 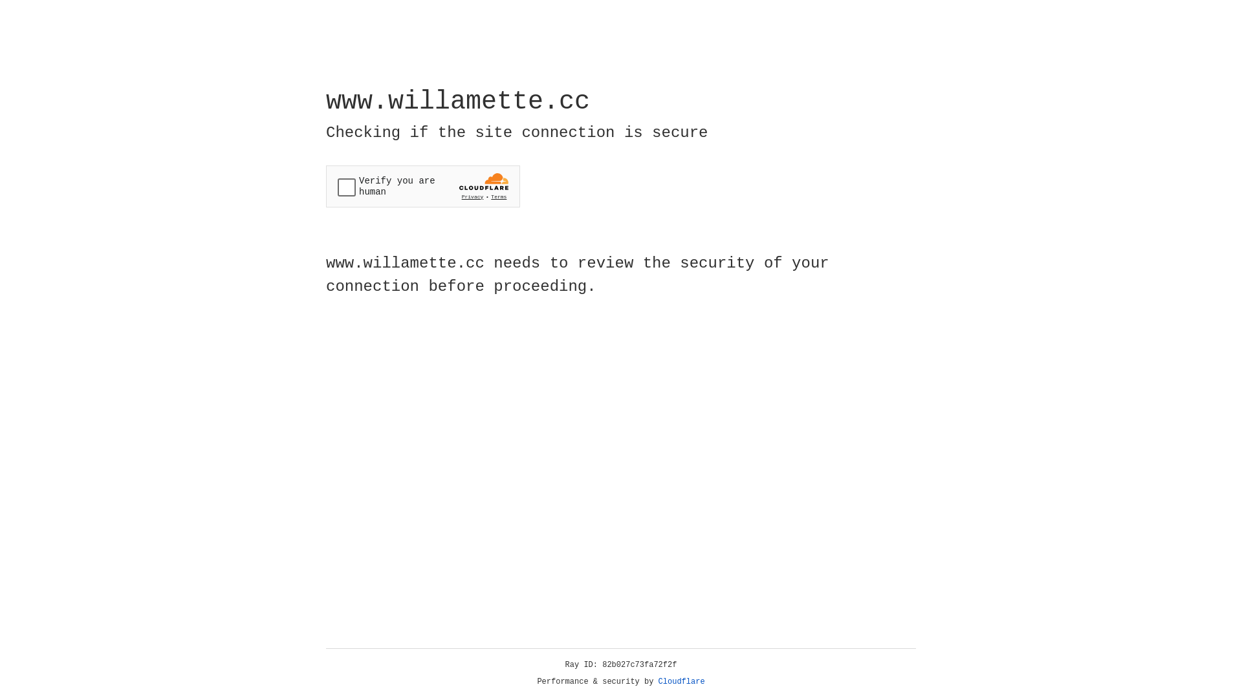 What do you see at coordinates (422, 186) in the screenshot?
I see `'Widget containing a Cloudflare security challenge'` at bounding box center [422, 186].